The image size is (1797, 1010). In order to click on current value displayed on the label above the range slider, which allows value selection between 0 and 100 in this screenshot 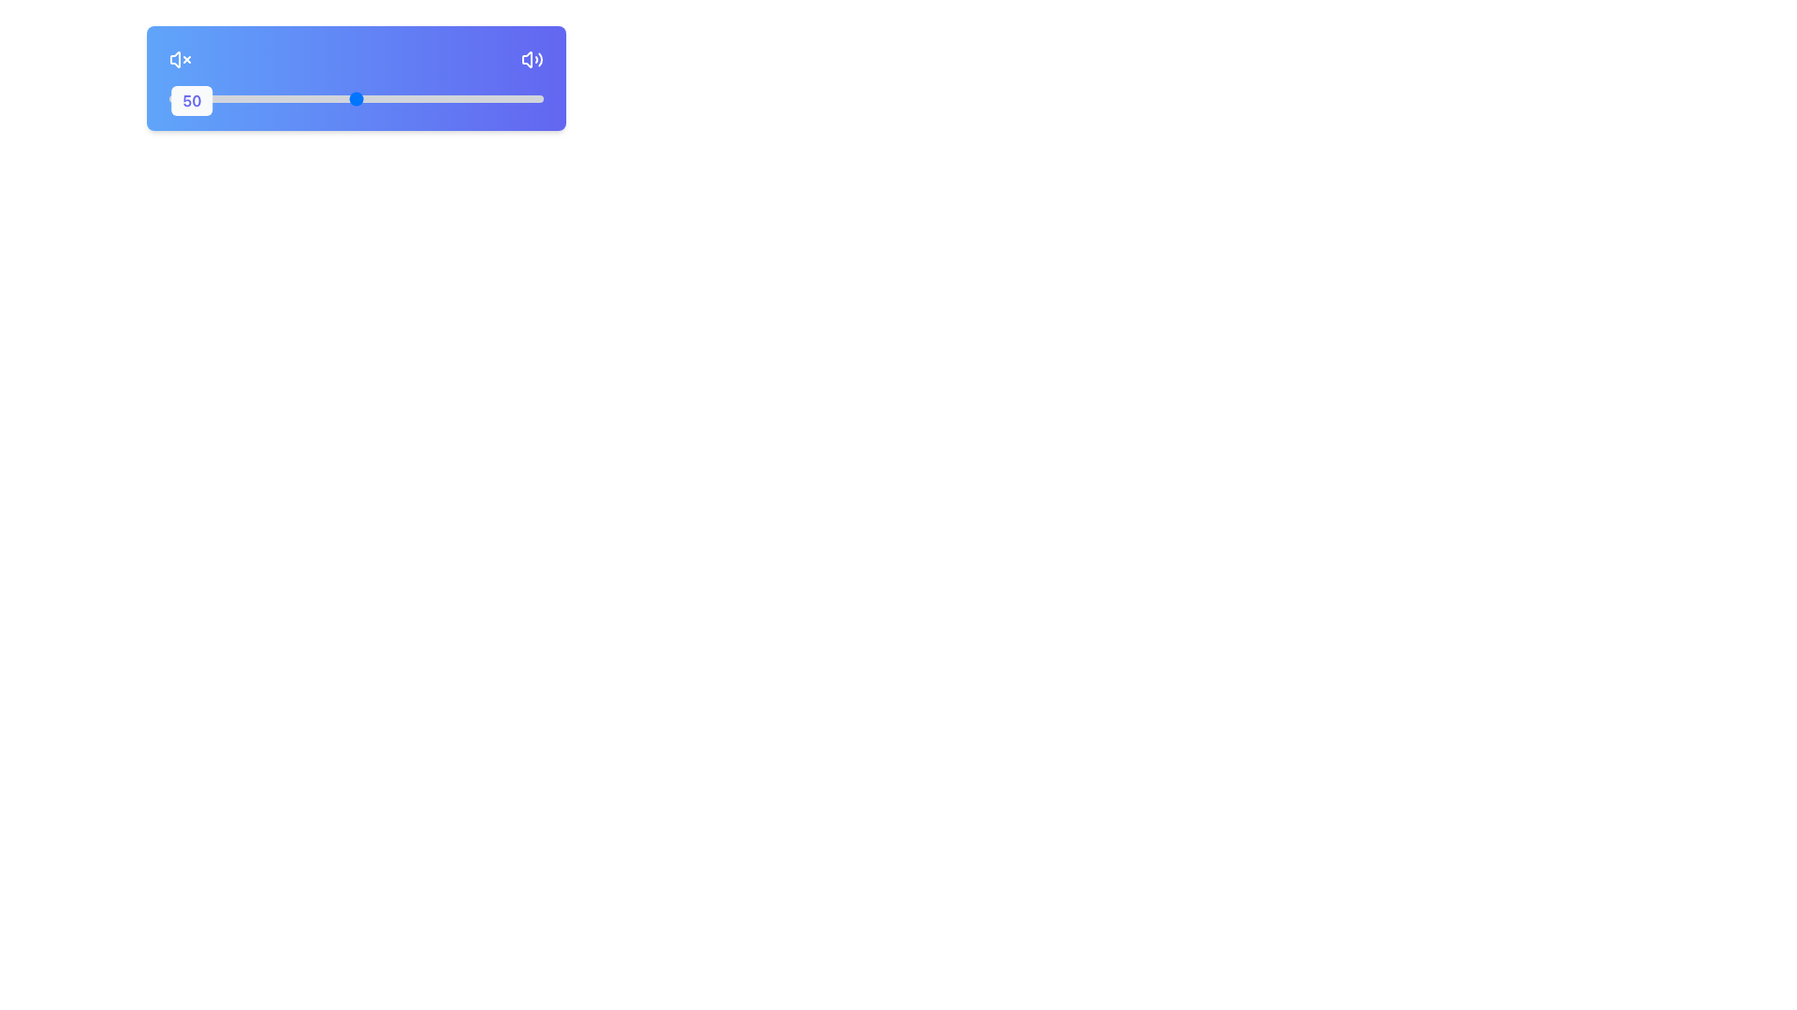, I will do `click(356, 97)`.